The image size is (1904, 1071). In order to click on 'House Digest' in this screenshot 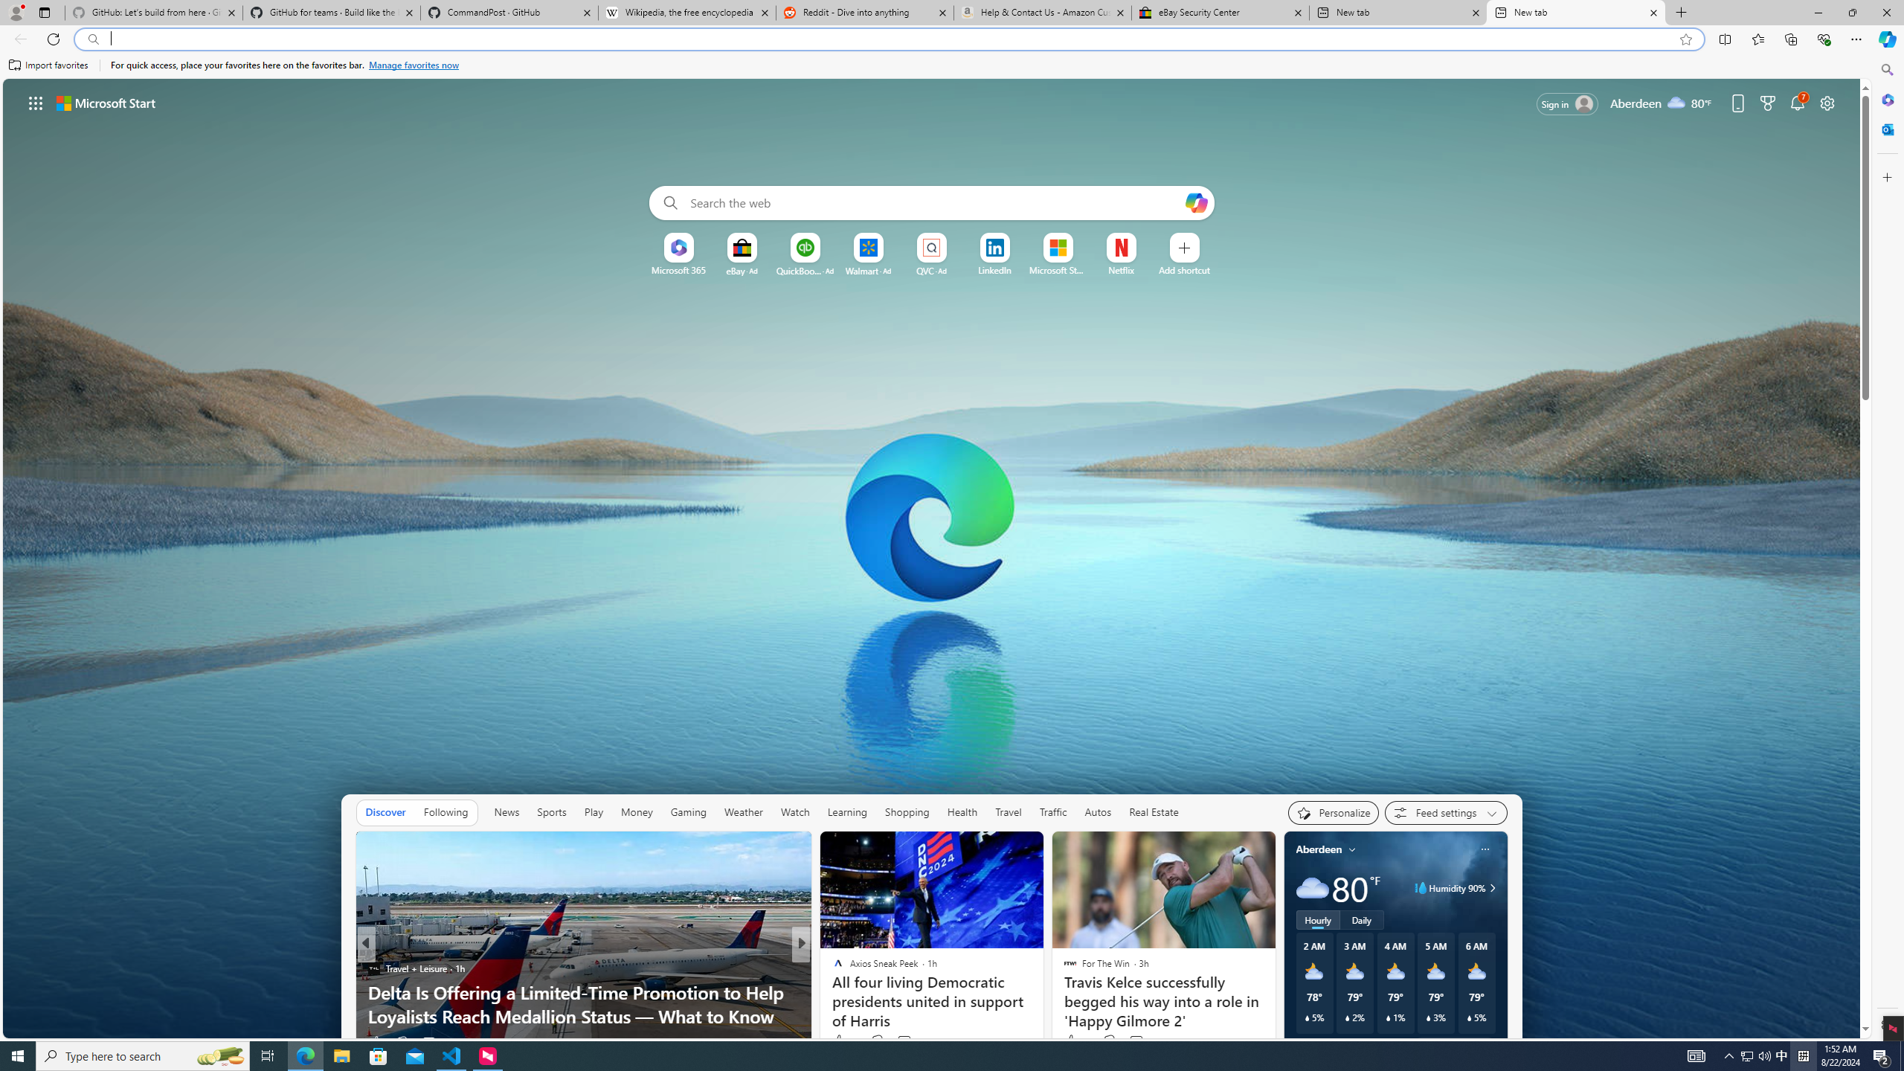, I will do `click(831, 968)`.